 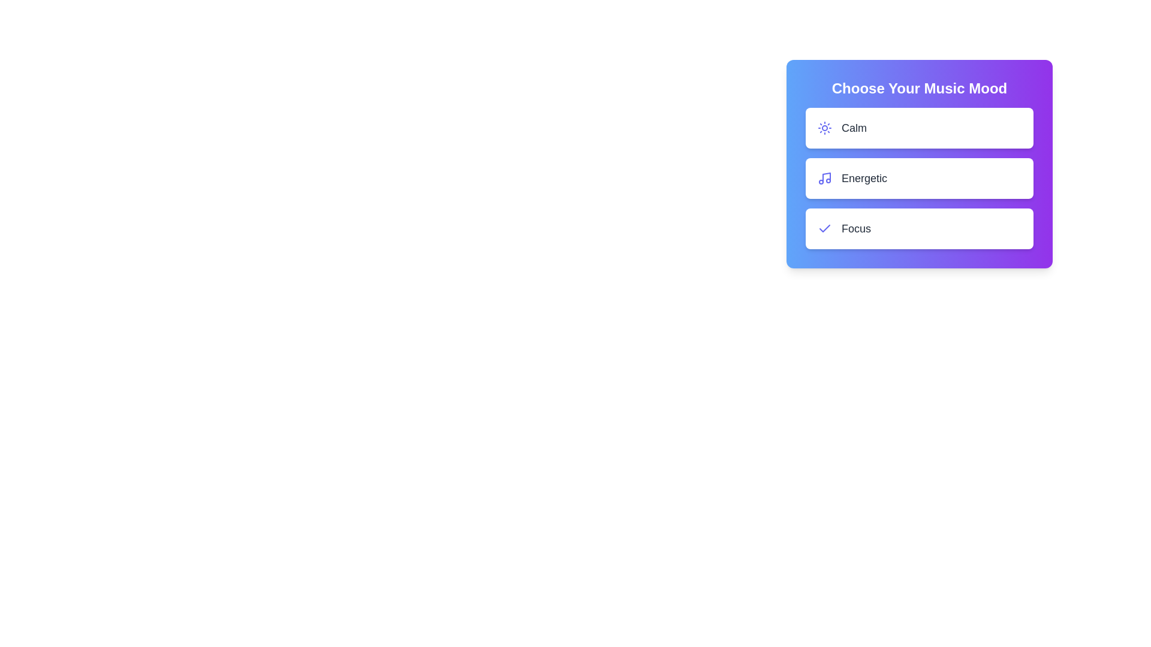 I want to click on the 'Energetic' selectable card, so click(x=919, y=178).